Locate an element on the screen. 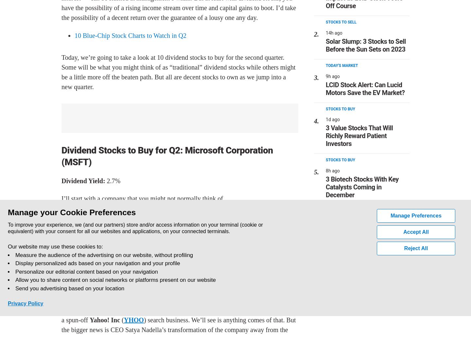  '3 Value Stocks That Will Richly Reward Patient Investors' is located at coordinates (359, 135).